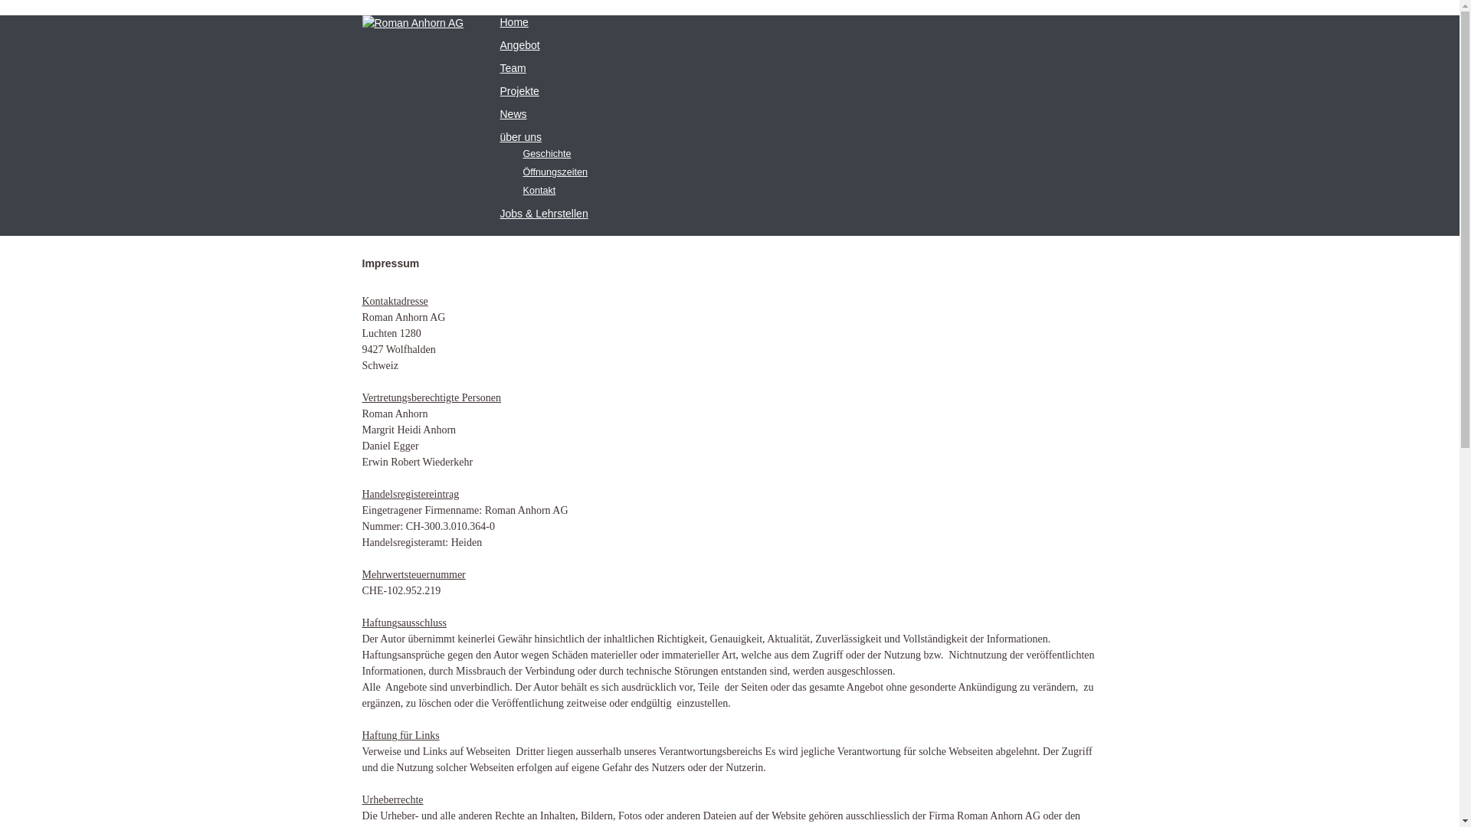 The height and width of the screenshot is (827, 1471). Describe the element at coordinates (512, 67) in the screenshot. I see `'Team'` at that location.